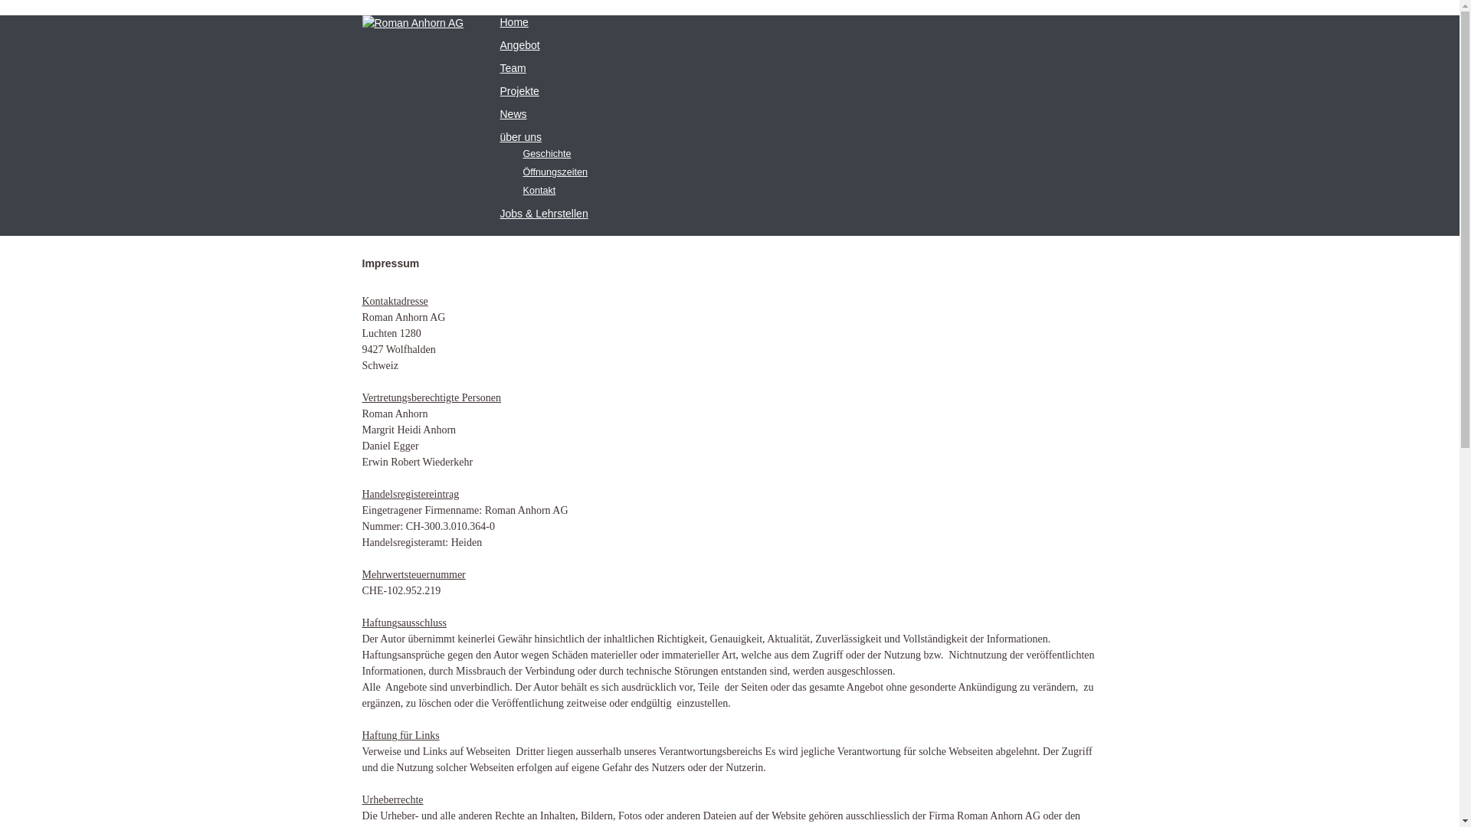 The height and width of the screenshot is (827, 1471). Describe the element at coordinates (512, 67) in the screenshot. I see `'Team'` at that location.